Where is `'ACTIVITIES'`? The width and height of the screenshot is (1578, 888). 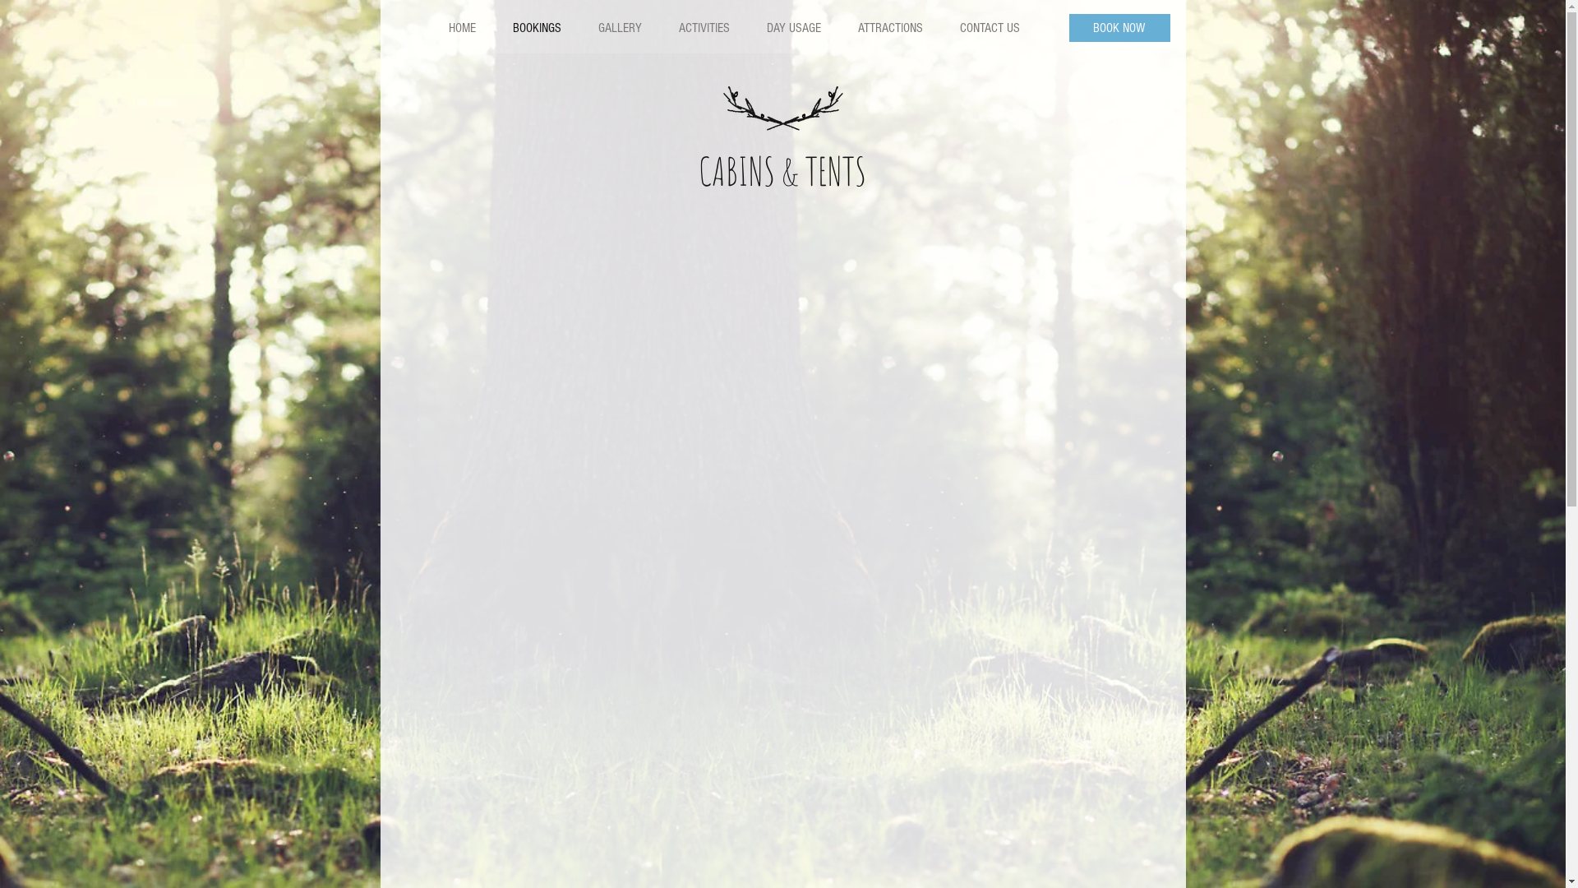 'ACTIVITIES' is located at coordinates (703, 28).